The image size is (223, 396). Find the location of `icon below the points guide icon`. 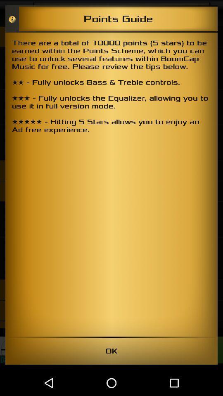

icon below the points guide icon is located at coordinates (111, 184).